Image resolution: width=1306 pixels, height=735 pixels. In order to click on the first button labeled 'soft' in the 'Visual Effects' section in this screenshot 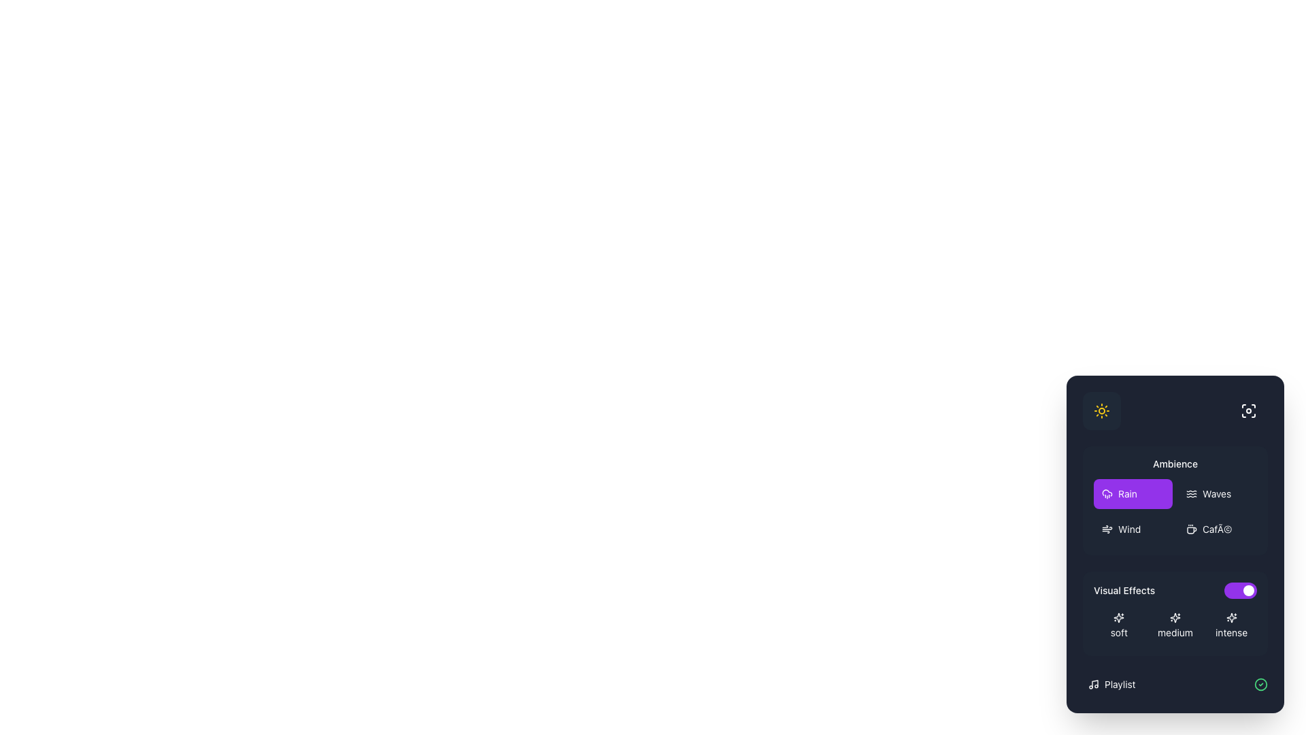, I will do `click(1119, 626)`.